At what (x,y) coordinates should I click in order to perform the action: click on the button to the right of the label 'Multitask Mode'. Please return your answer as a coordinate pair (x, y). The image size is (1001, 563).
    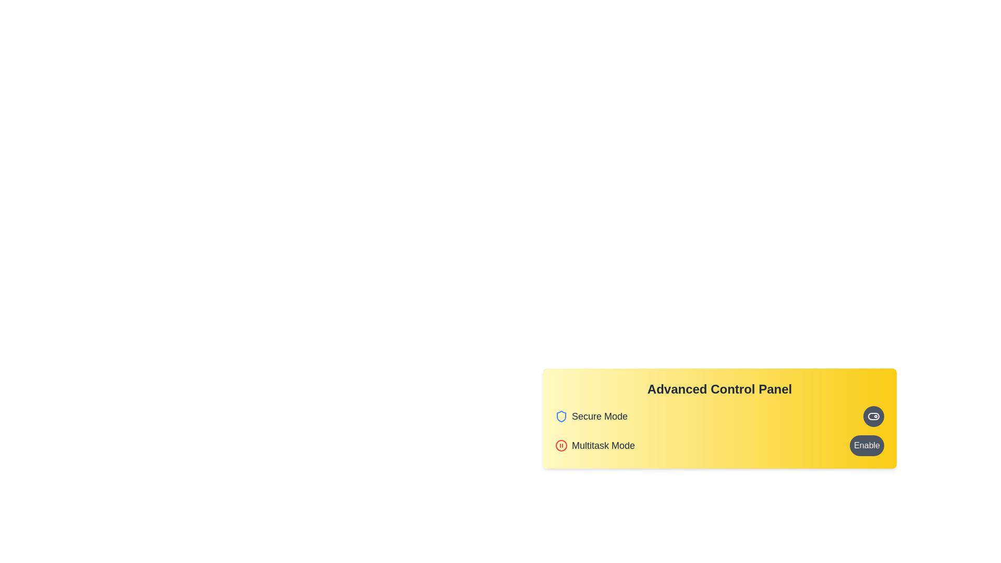
    Looking at the image, I should click on (866, 446).